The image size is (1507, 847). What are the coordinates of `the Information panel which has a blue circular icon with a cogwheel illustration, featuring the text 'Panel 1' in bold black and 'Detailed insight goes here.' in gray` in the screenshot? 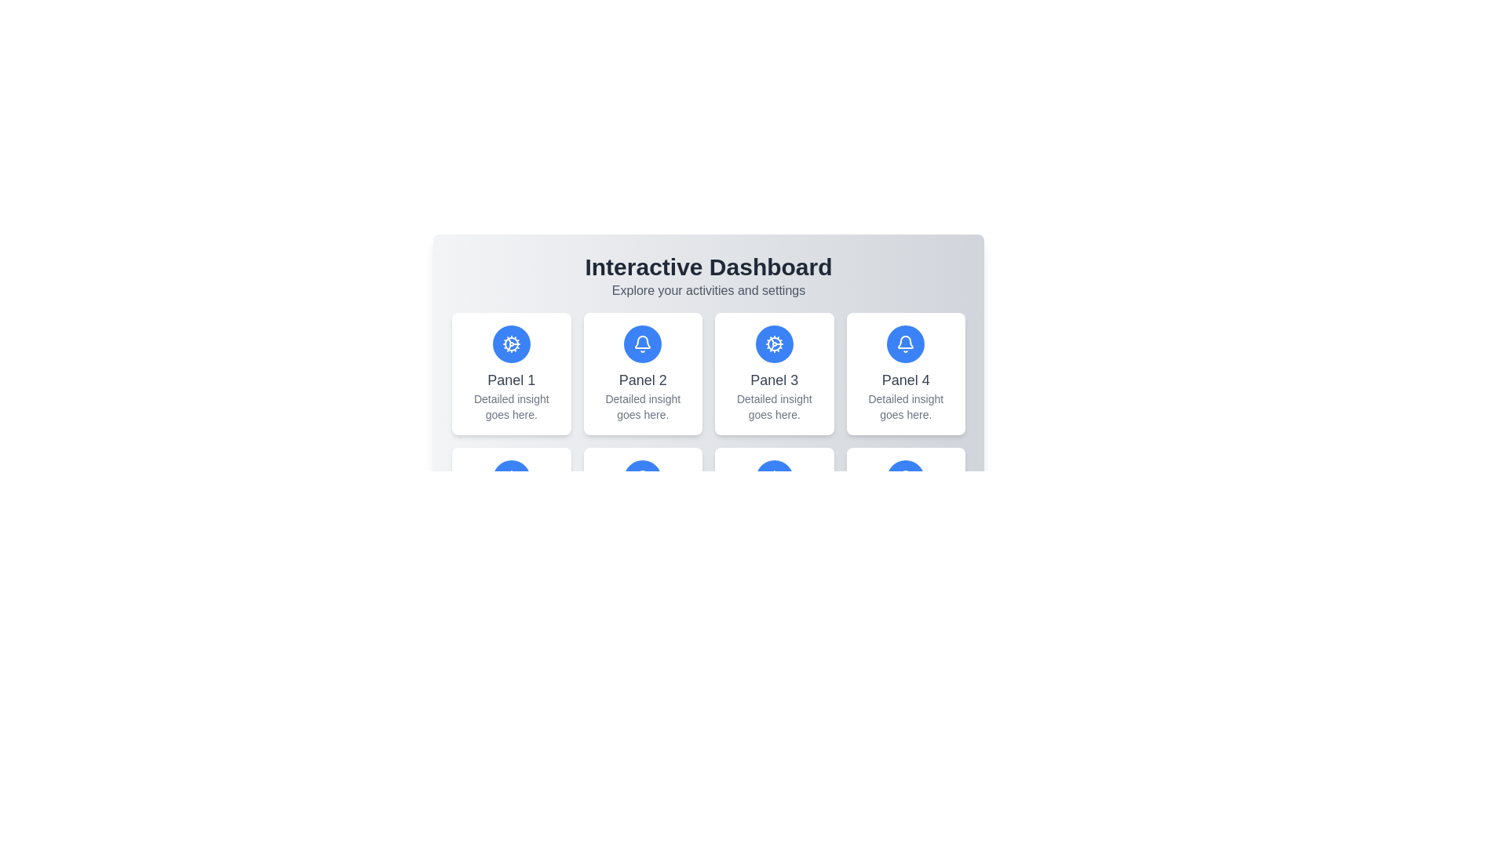 It's located at (511, 374).